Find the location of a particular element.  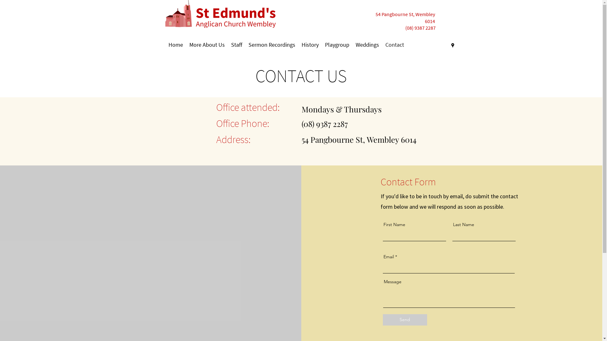

'Weddings' is located at coordinates (367, 45).